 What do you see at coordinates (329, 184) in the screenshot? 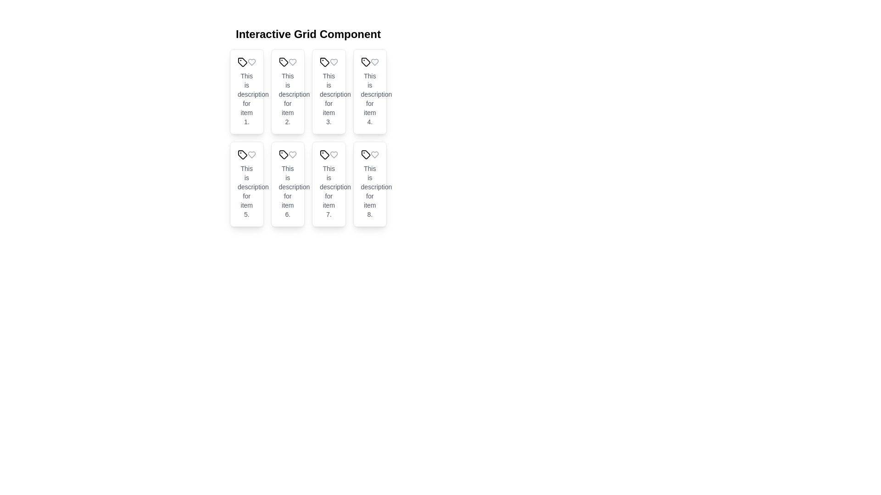
I see `the seventh tile component, which has a white background, rounded corners, and contains the text 'This is description for item 7.'` at bounding box center [329, 184].